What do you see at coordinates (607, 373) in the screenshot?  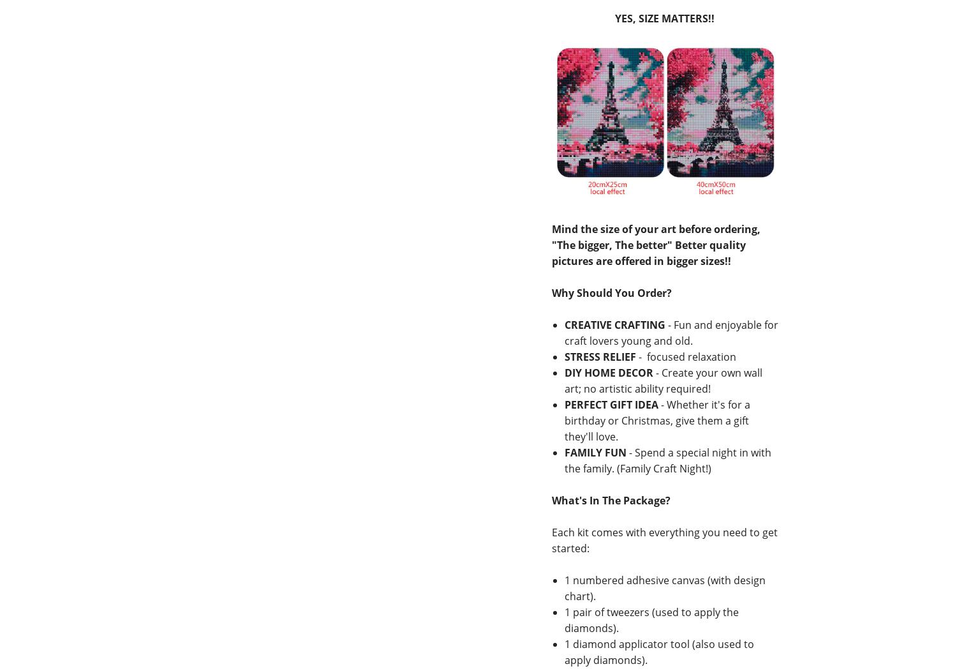 I see `'DIY HOME DECOR'` at bounding box center [607, 373].